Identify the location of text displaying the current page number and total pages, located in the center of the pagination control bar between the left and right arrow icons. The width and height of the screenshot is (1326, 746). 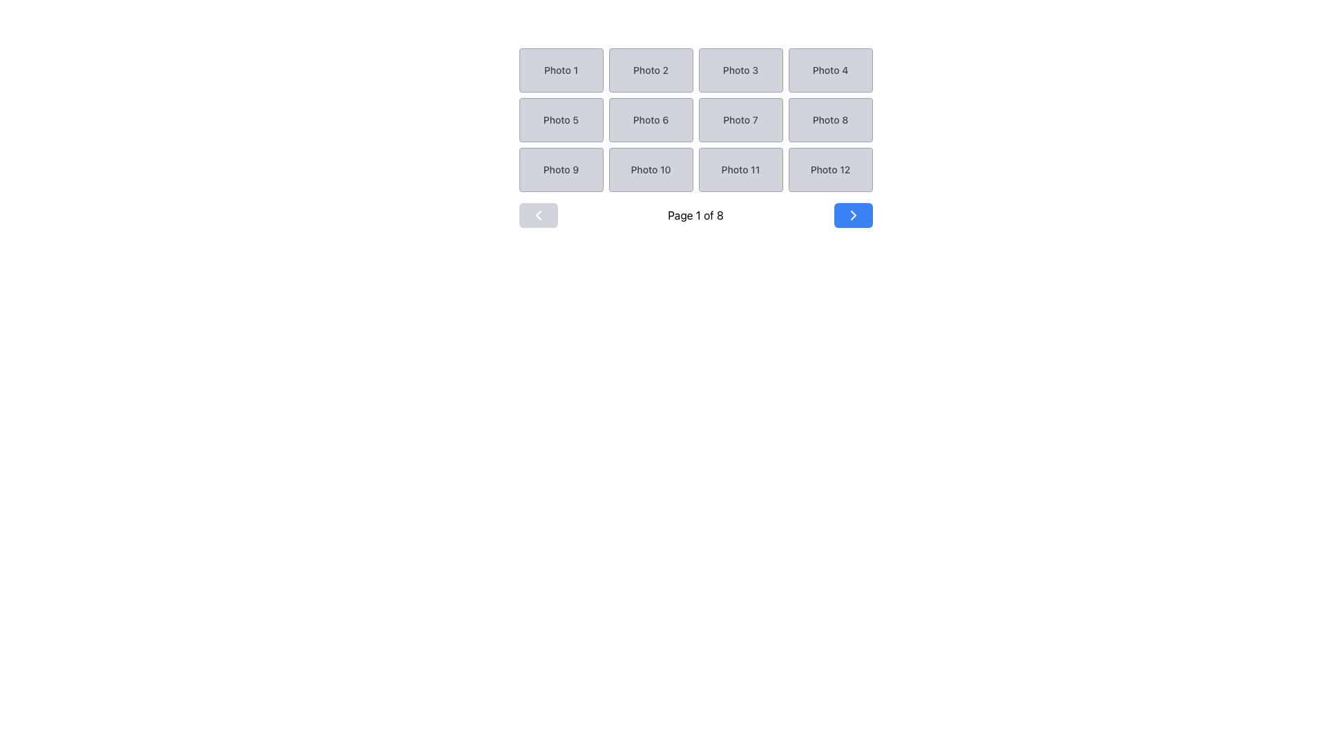
(695, 216).